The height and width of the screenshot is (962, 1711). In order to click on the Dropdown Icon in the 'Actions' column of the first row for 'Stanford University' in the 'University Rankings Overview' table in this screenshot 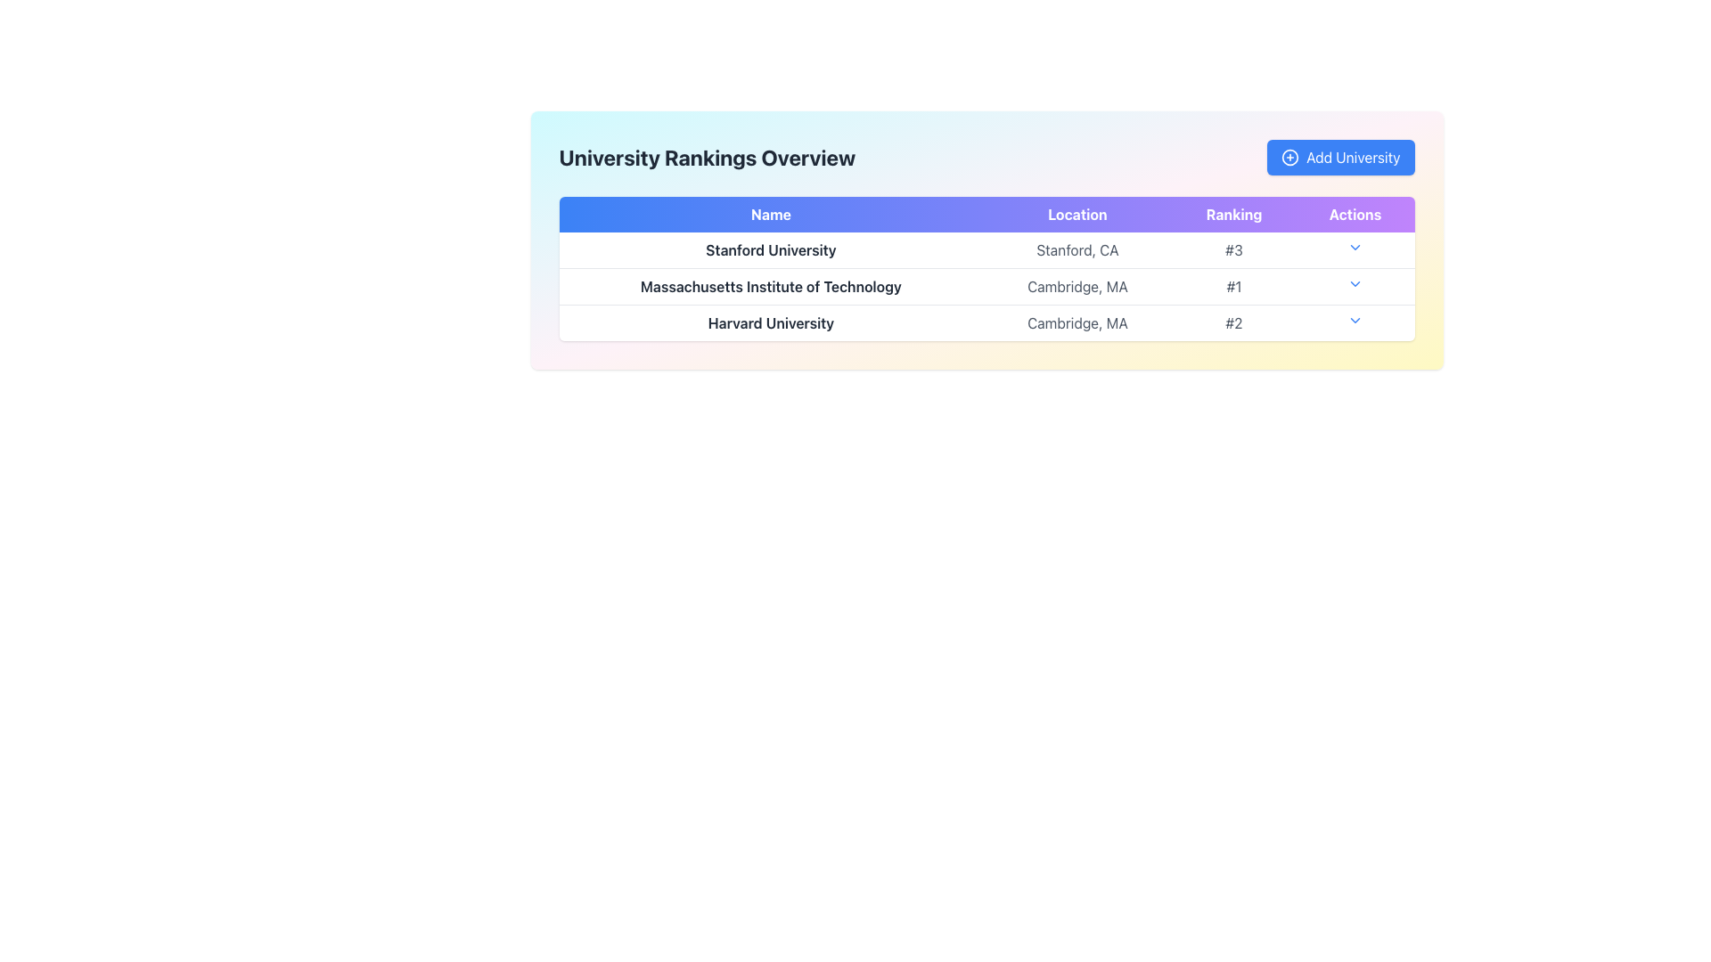, I will do `click(1355, 247)`.